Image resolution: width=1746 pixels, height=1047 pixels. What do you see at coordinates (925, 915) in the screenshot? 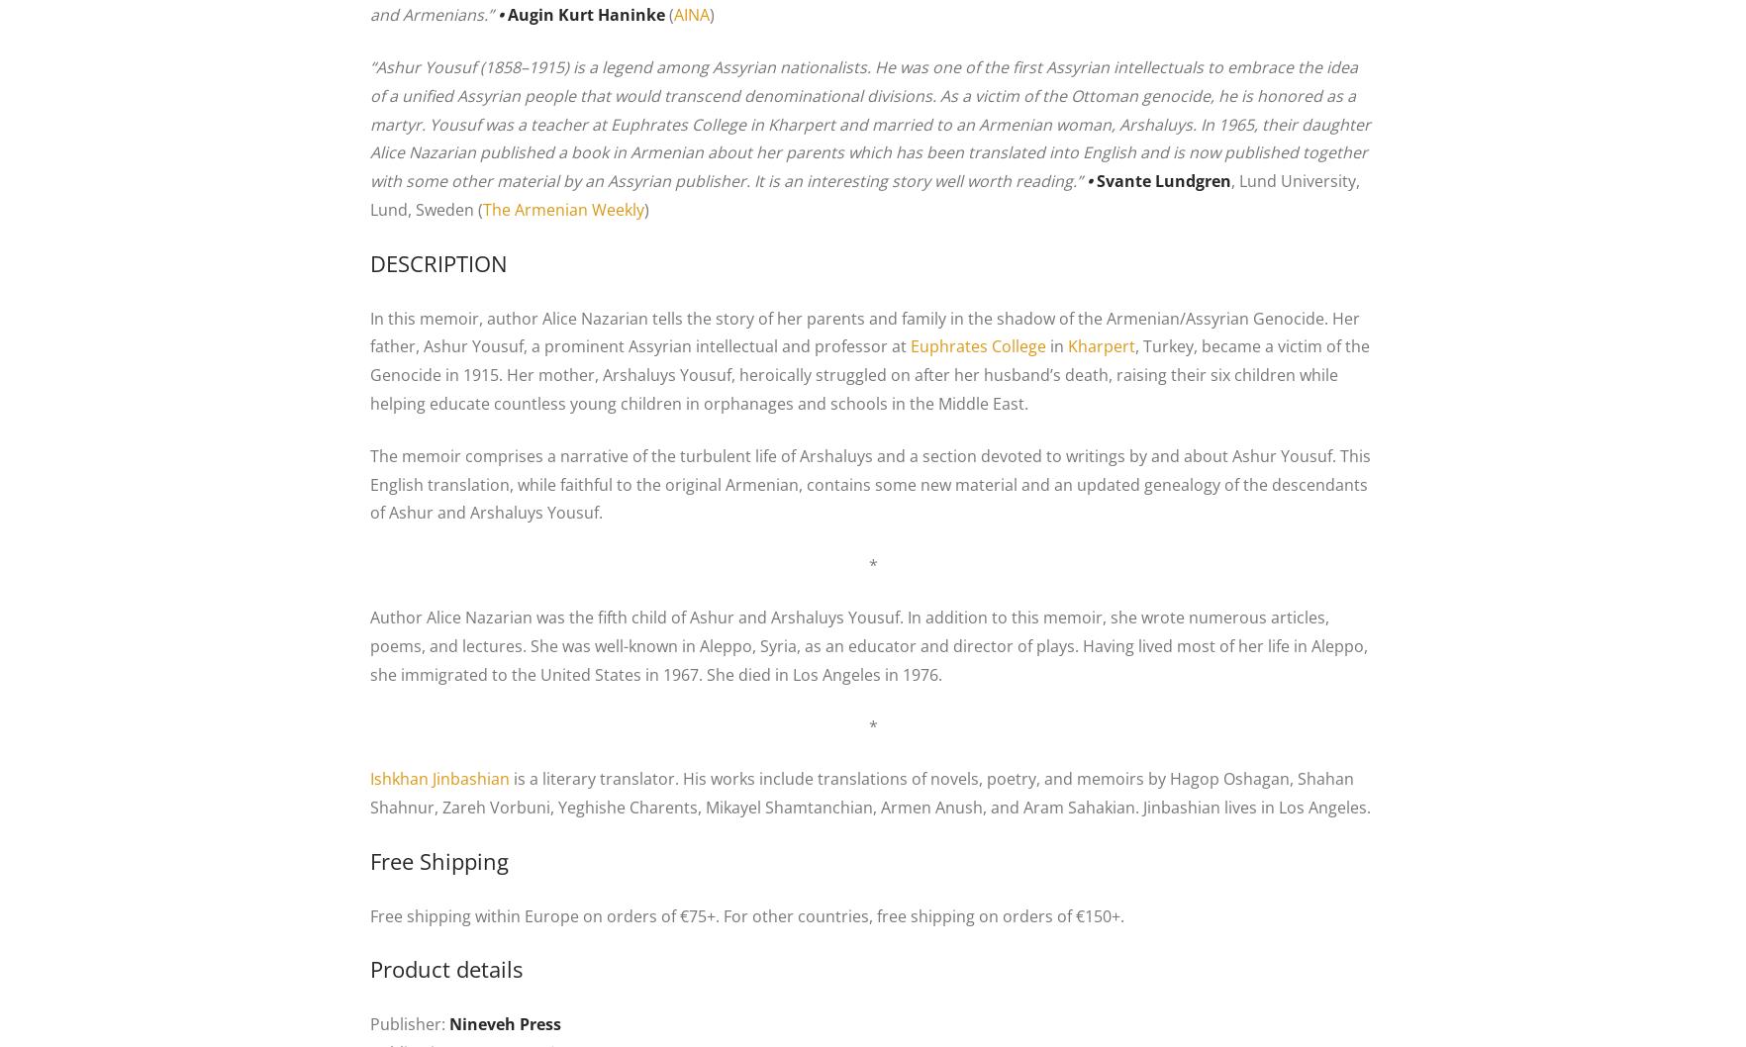
I see `'For other countries, free shipping on orders of €150+.'` at bounding box center [925, 915].